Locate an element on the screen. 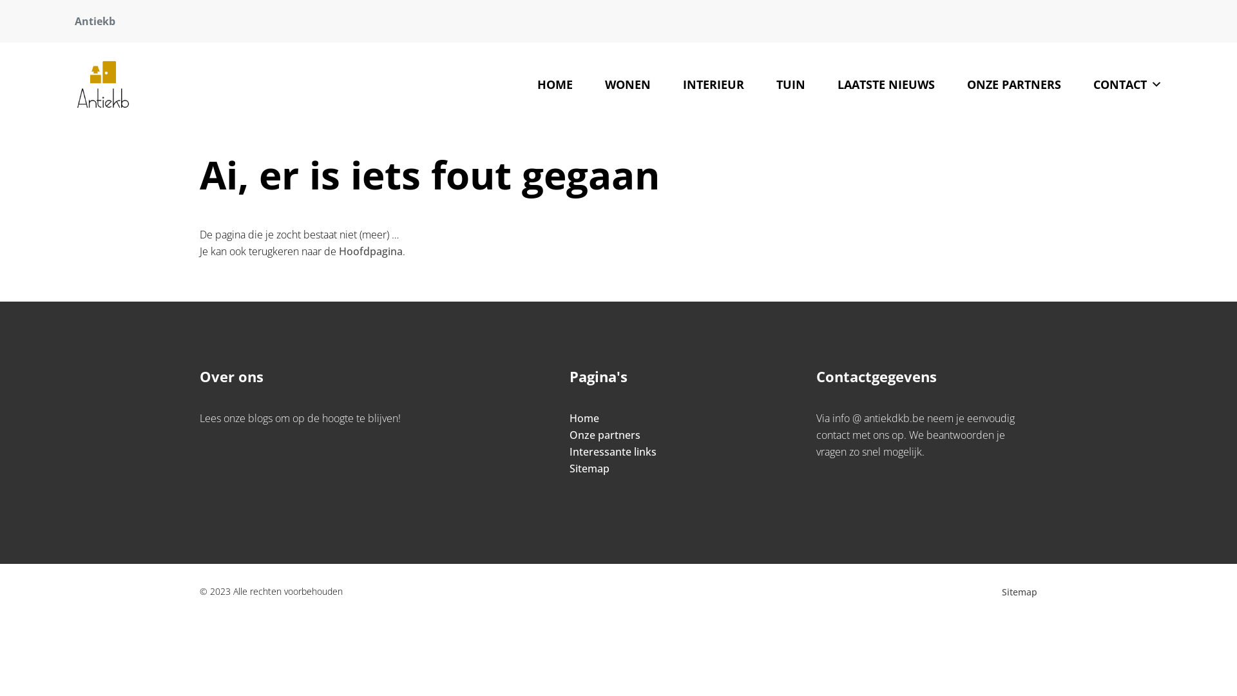  'Home' is located at coordinates (584, 418).